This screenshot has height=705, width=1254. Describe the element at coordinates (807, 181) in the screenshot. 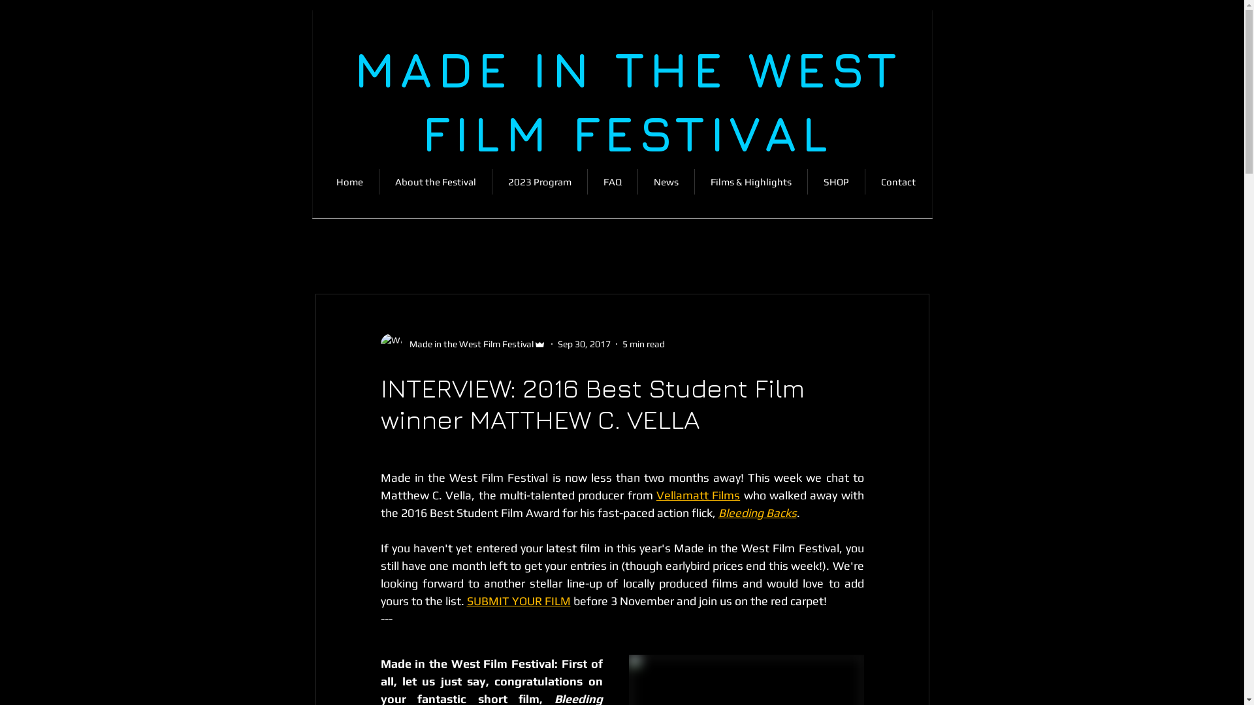

I see `'SHOP'` at that location.